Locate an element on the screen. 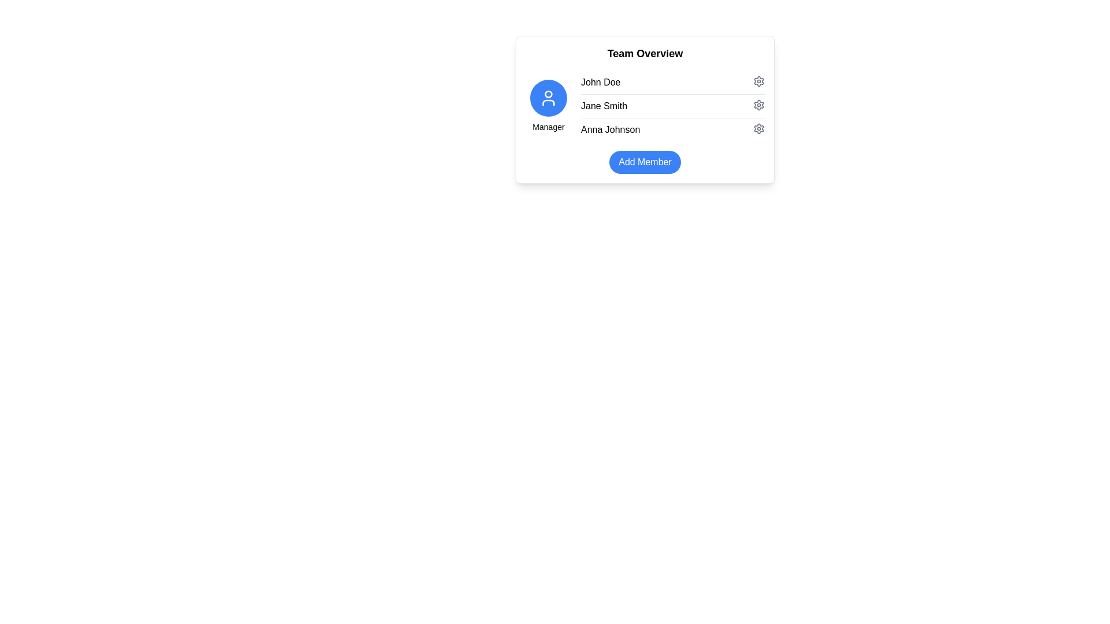 This screenshot has height=624, width=1110. the text label displaying 'Anna Johnson' which is the third entry under the 'Manager' label in the 'Team Overview' card is located at coordinates (610, 129).